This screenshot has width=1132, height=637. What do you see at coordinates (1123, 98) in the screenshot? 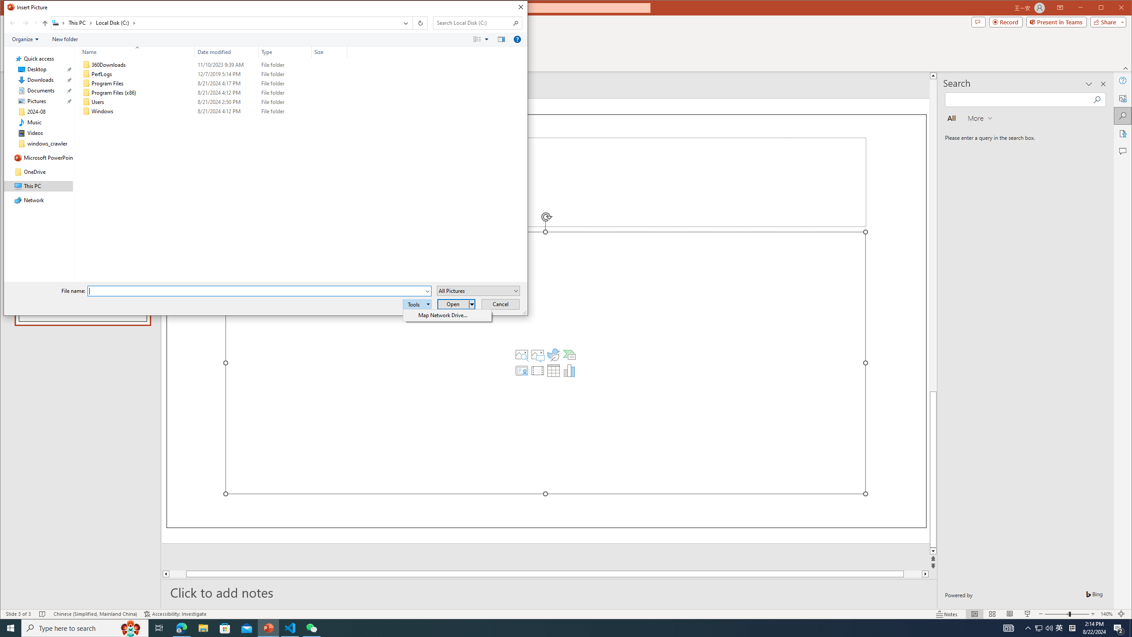
I see `'Alt Text'` at bounding box center [1123, 98].